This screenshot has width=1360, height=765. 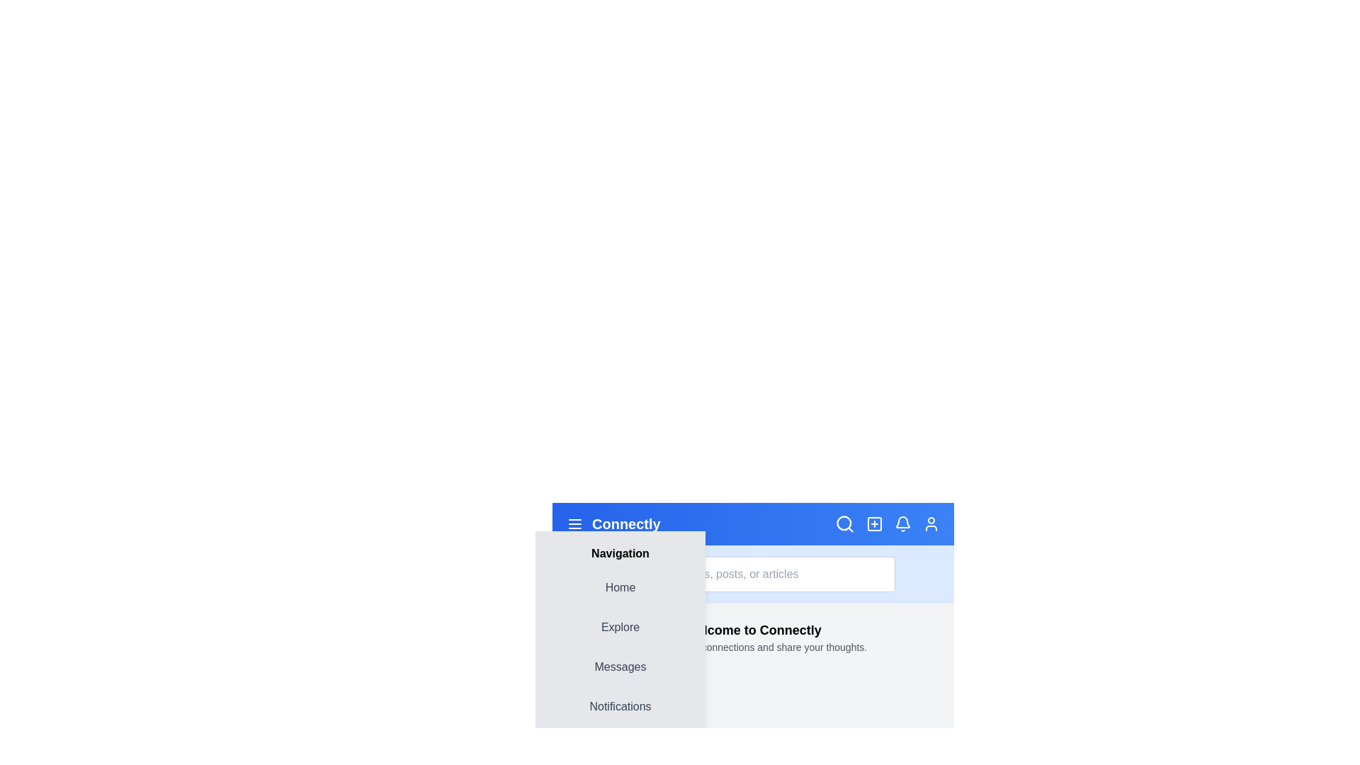 What do you see at coordinates (752, 647) in the screenshot?
I see `the text element 'Discover new connections and share your thoughts.' for interaction` at bounding box center [752, 647].